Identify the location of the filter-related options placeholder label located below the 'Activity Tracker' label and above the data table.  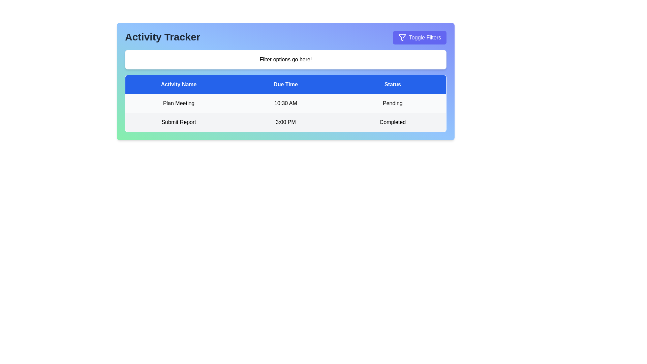
(286, 59).